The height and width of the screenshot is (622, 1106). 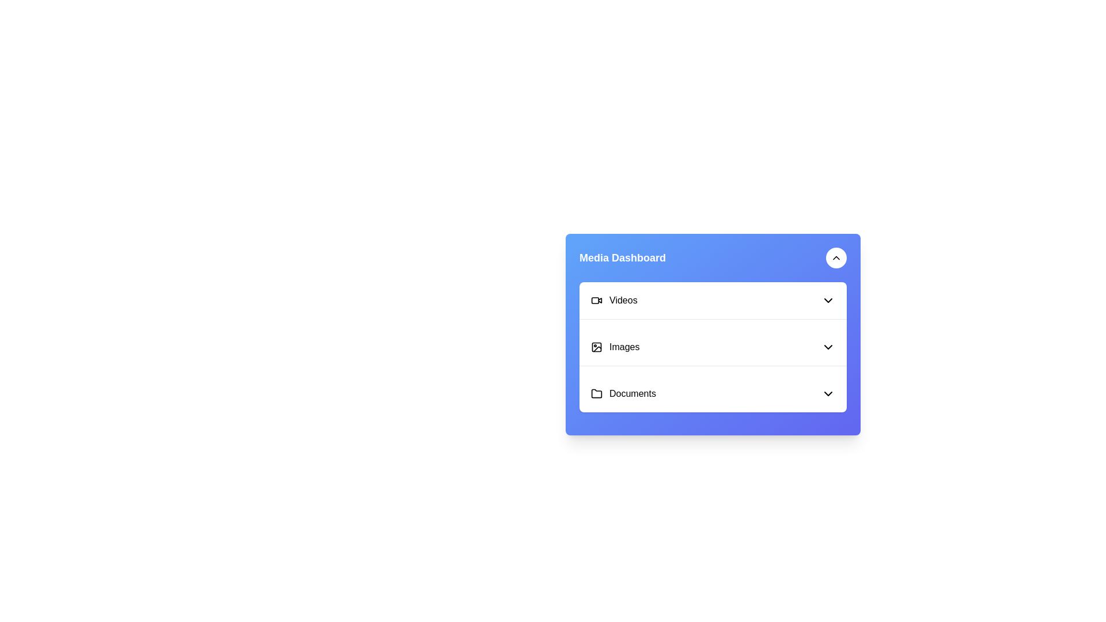 What do you see at coordinates (828, 393) in the screenshot?
I see `the downward-facing chevron icon located to the far-right side of the 'Documents' section` at bounding box center [828, 393].